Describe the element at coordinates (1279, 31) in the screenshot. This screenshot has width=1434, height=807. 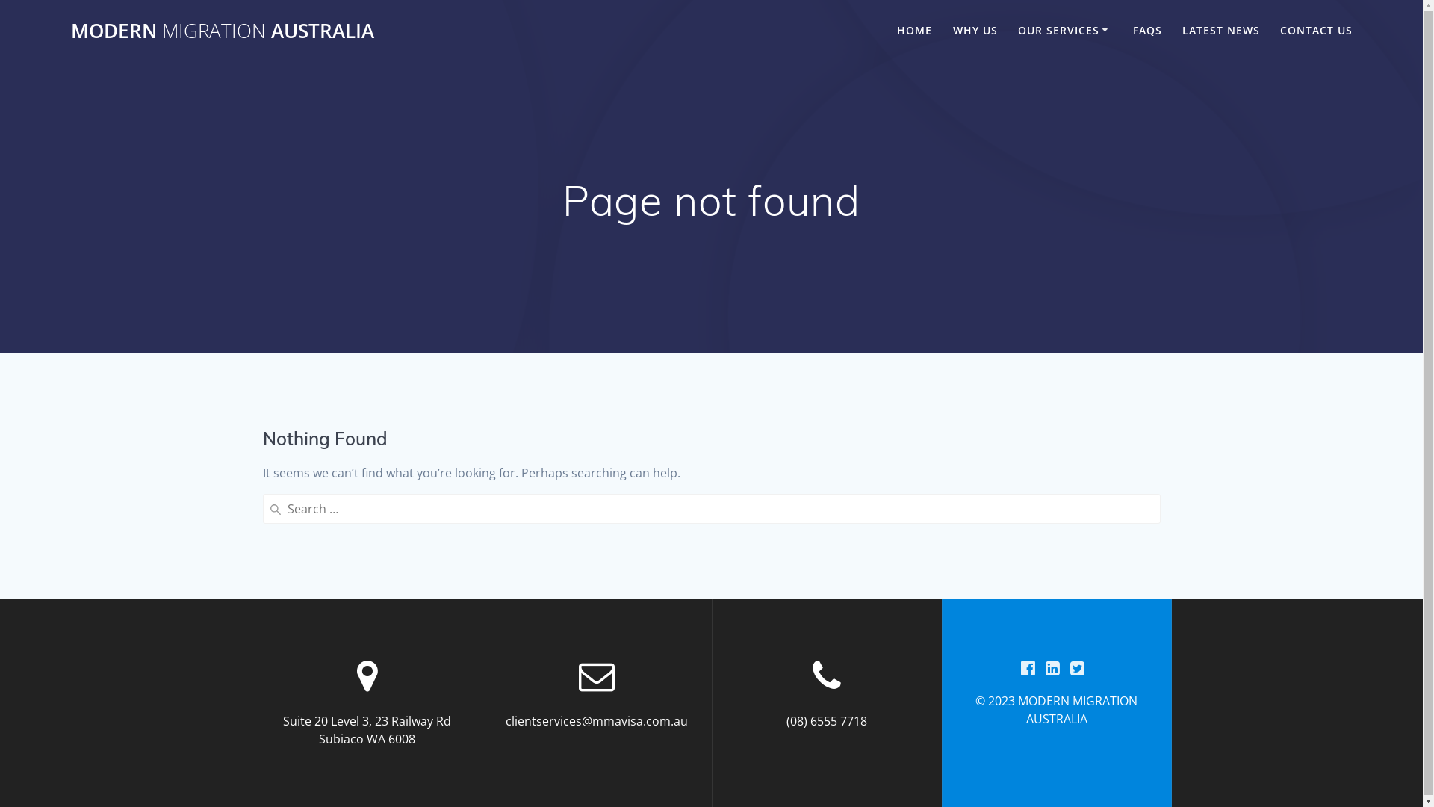
I see `'CONTACT US'` at that location.